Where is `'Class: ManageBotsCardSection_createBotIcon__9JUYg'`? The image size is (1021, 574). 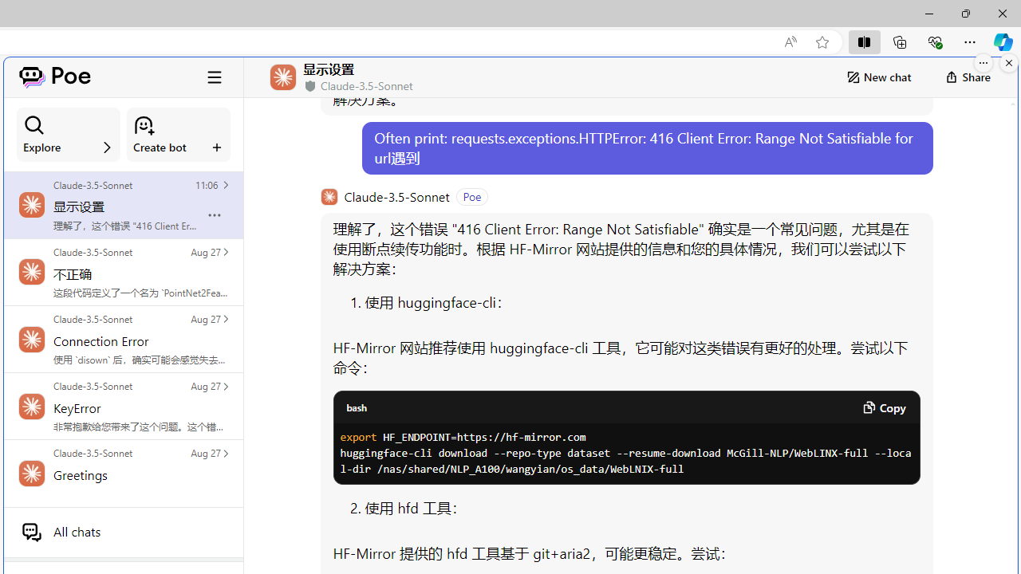
'Class: ManageBotsCardSection_createBotIcon__9JUYg' is located at coordinates (144, 124).